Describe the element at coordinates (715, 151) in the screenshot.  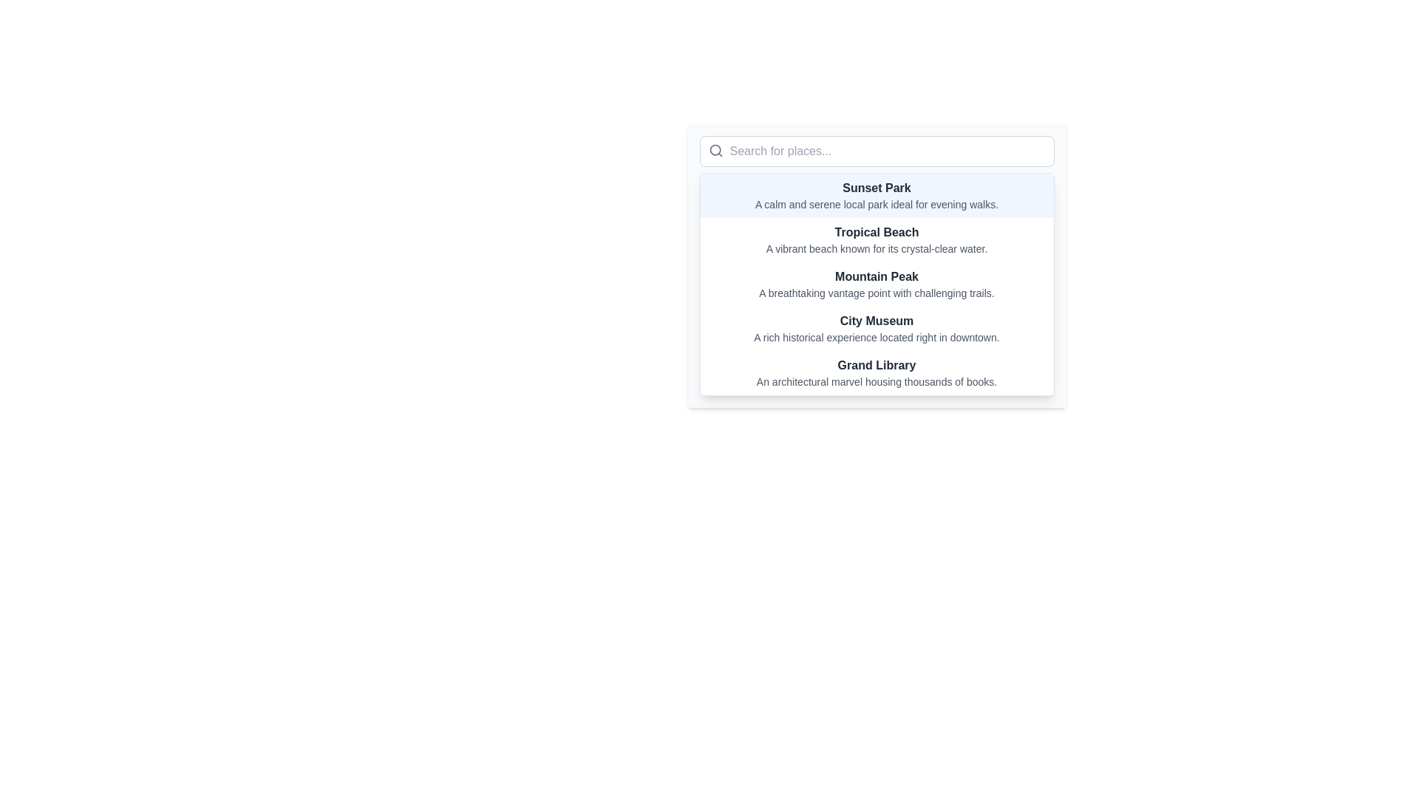
I see `adjacent to the search icon to focus the associated input field for searching` at that location.